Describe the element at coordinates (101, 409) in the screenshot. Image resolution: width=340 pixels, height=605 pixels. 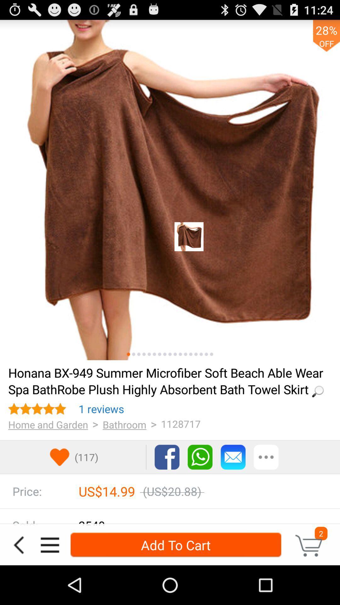
I see `the icon to the left of >` at that location.